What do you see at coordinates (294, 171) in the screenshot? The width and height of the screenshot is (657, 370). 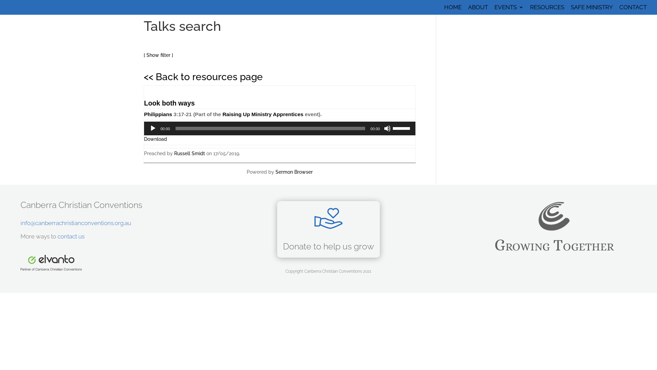 I see `'Sermon Browser'` at bounding box center [294, 171].